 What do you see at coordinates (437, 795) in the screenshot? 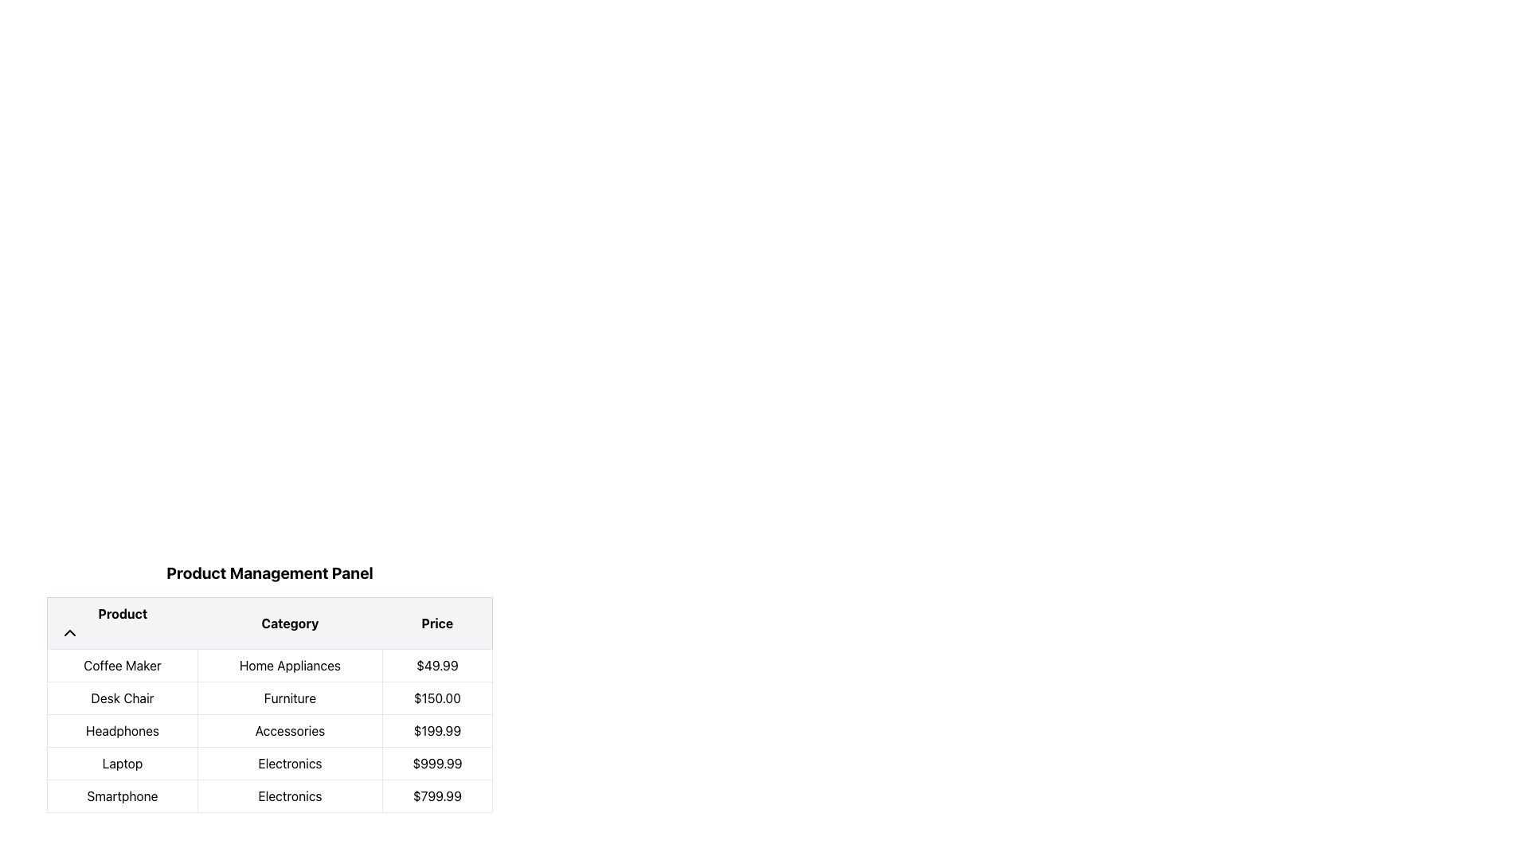
I see `the static text element that displays the price of the smartphone in the third column of the last row of the table` at bounding box center [437, 795].